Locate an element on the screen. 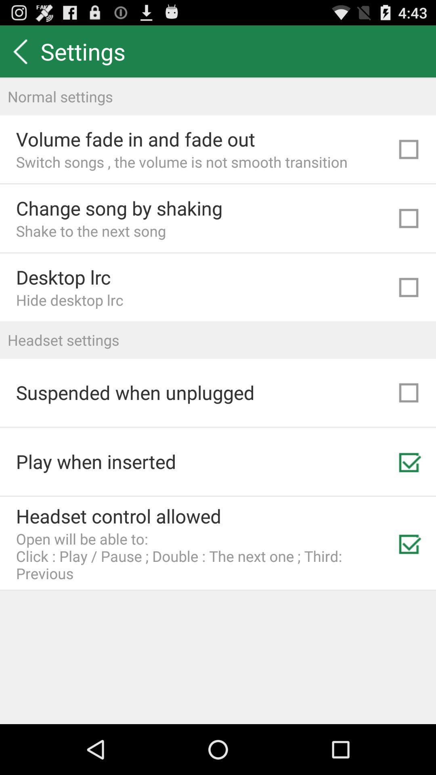 This screenshot has height=775, width=436. the headset settings icon is located at coordinates (218, 340).